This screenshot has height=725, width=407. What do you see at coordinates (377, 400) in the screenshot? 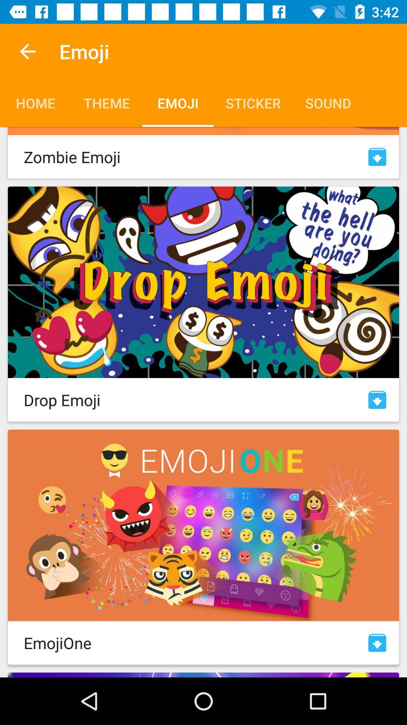
I see `download the page` at bounding box center [377, 400].